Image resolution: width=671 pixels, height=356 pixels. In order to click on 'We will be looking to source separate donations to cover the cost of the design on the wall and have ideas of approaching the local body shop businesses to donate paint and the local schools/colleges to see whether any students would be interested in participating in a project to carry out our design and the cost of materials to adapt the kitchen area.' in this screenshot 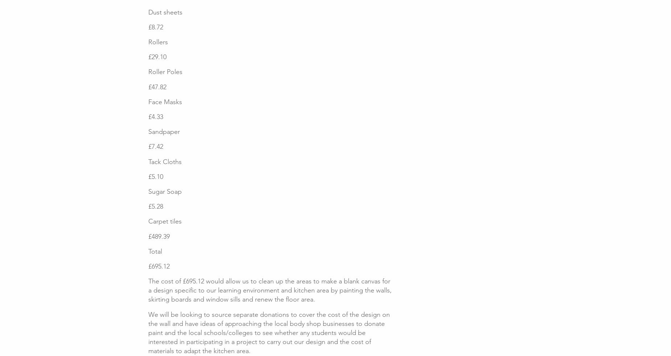, I will do `click(269, 332)`.